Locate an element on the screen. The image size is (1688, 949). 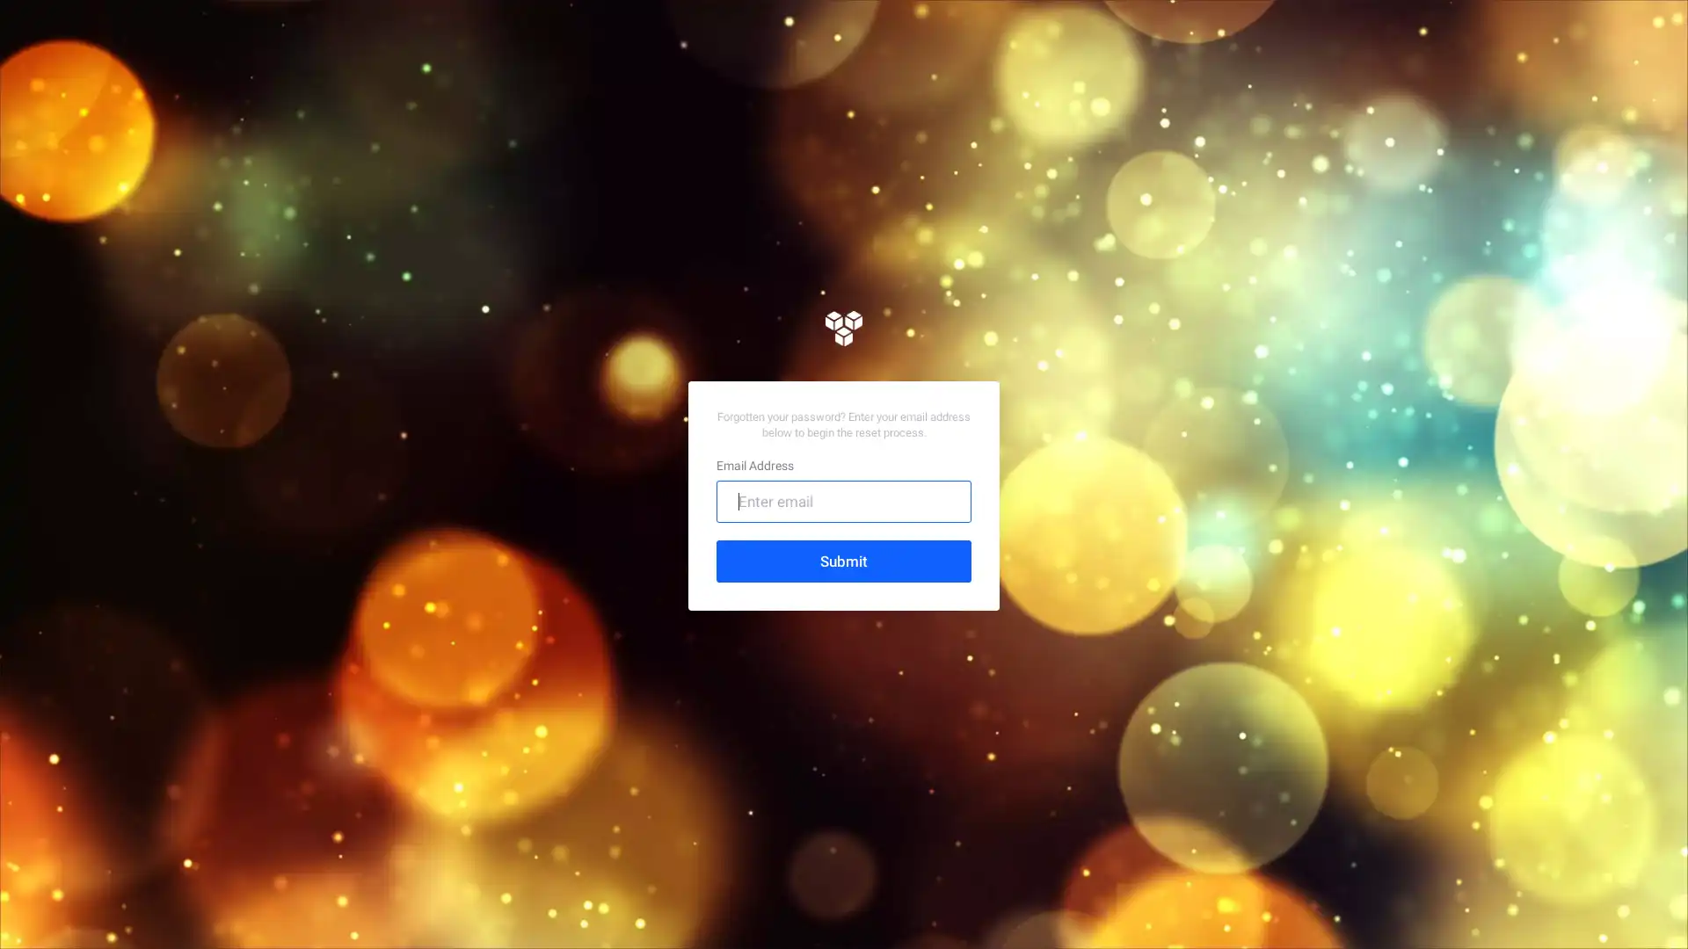
Submit is located at coordinates (844, 560).